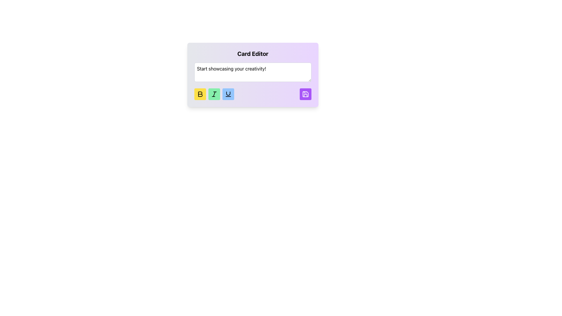 The image size is (562, 316). I want to click on the save icon located at the bottom-right corner of the card editor panel, so click(305, 94).